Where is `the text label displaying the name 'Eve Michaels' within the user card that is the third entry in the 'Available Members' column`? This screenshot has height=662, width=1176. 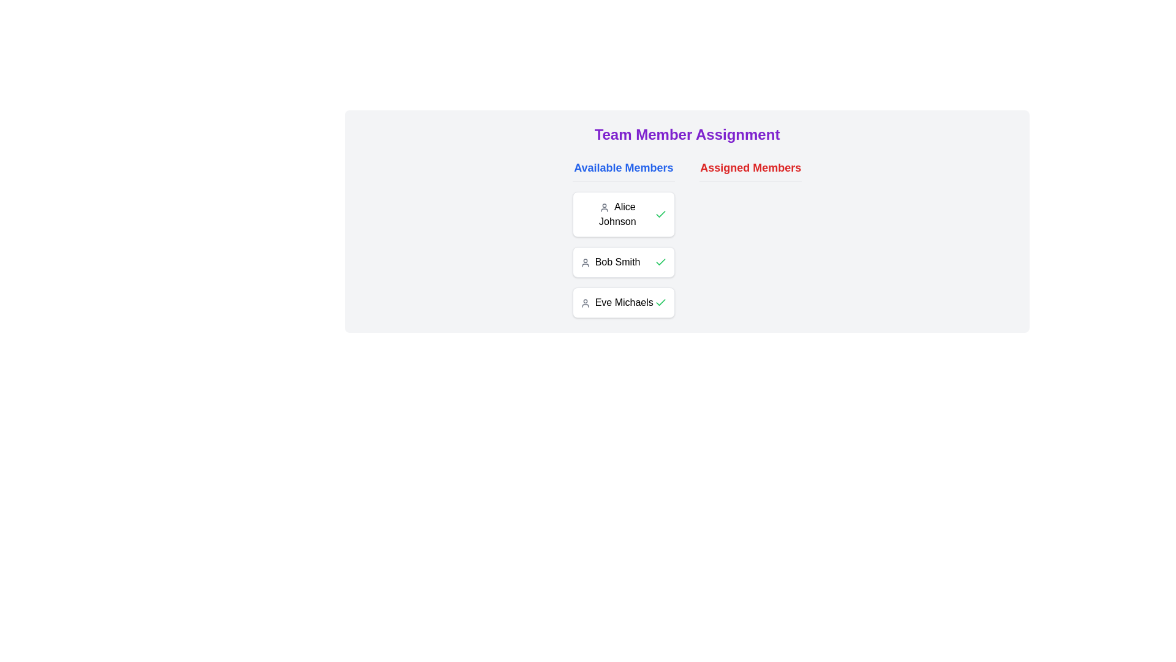
the text label displaying the name 'Eve Michaels' within the user card that is the third entry in the 'Available Members' column is located at coordinates (617, 302).